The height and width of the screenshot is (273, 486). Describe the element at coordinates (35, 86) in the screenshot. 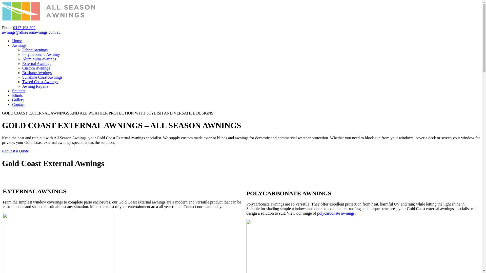

I see `'Awning Repairs'` at that location.